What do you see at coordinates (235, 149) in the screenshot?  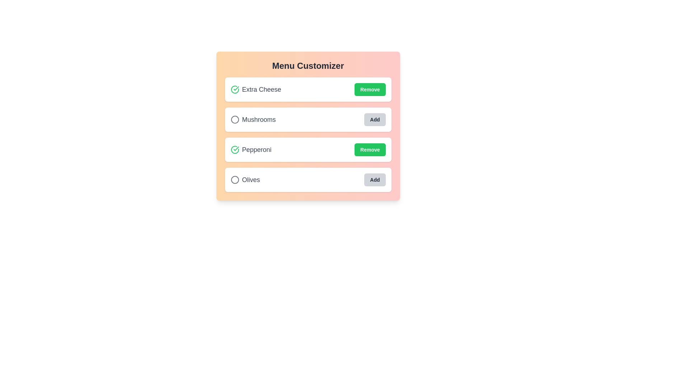 I see `the circular icon for Pepperoni to toggle its selection state` at bounding box center [235, 149].